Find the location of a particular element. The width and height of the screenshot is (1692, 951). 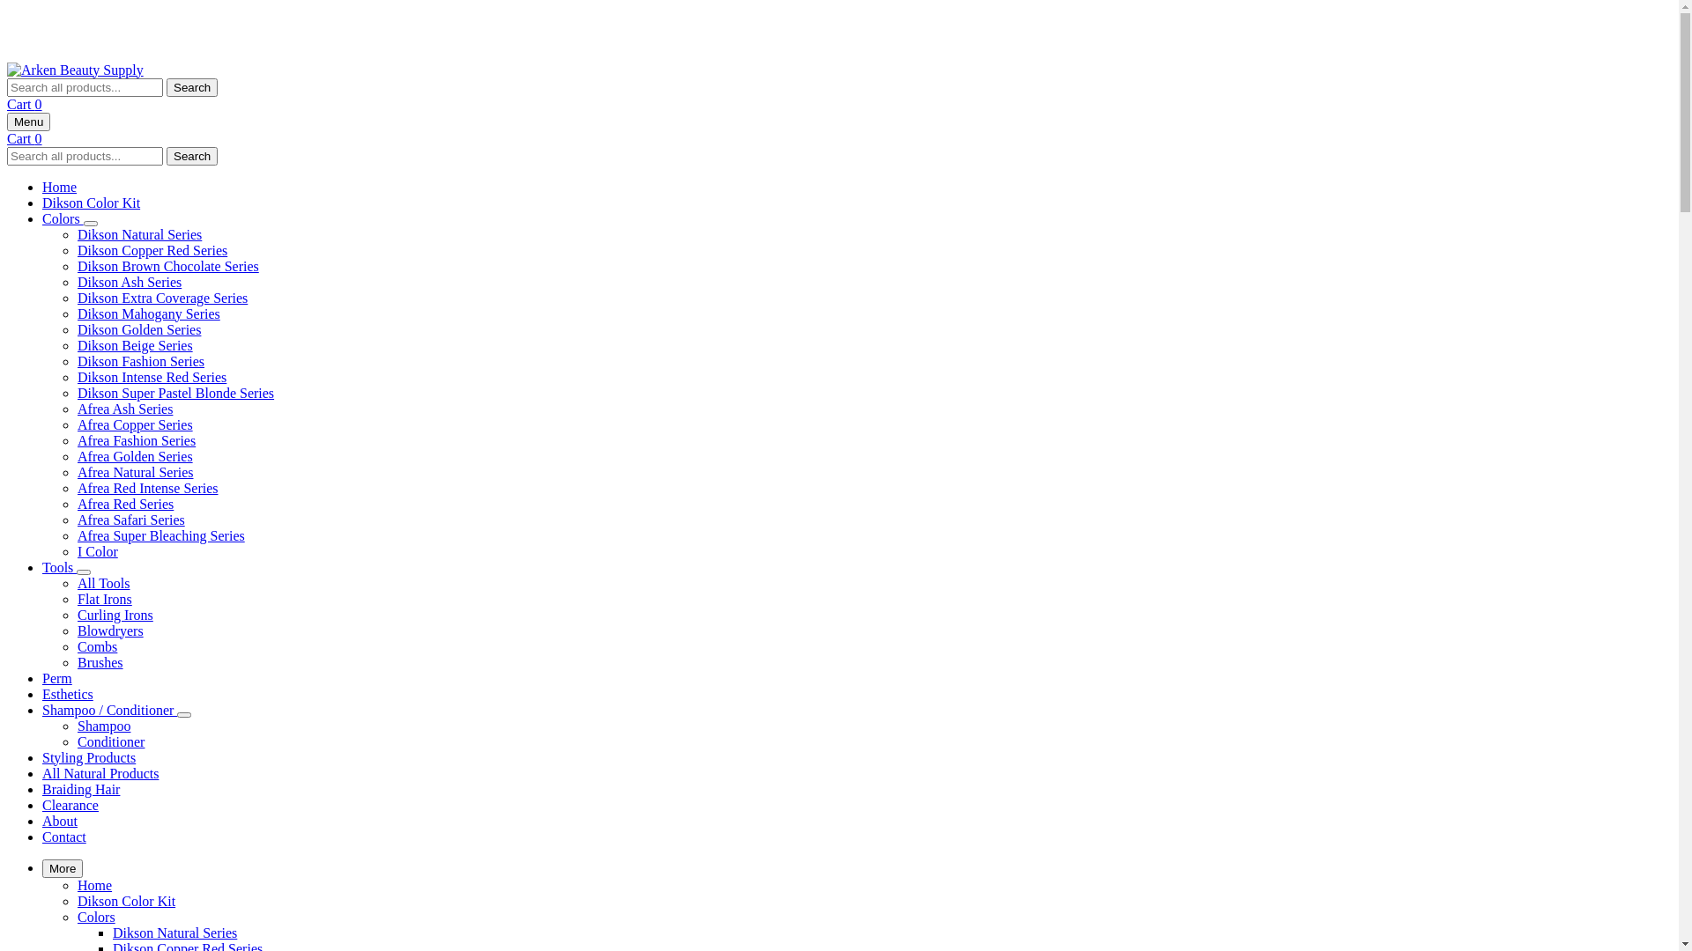

'Conditioner' is located at coordinates (76, 741).